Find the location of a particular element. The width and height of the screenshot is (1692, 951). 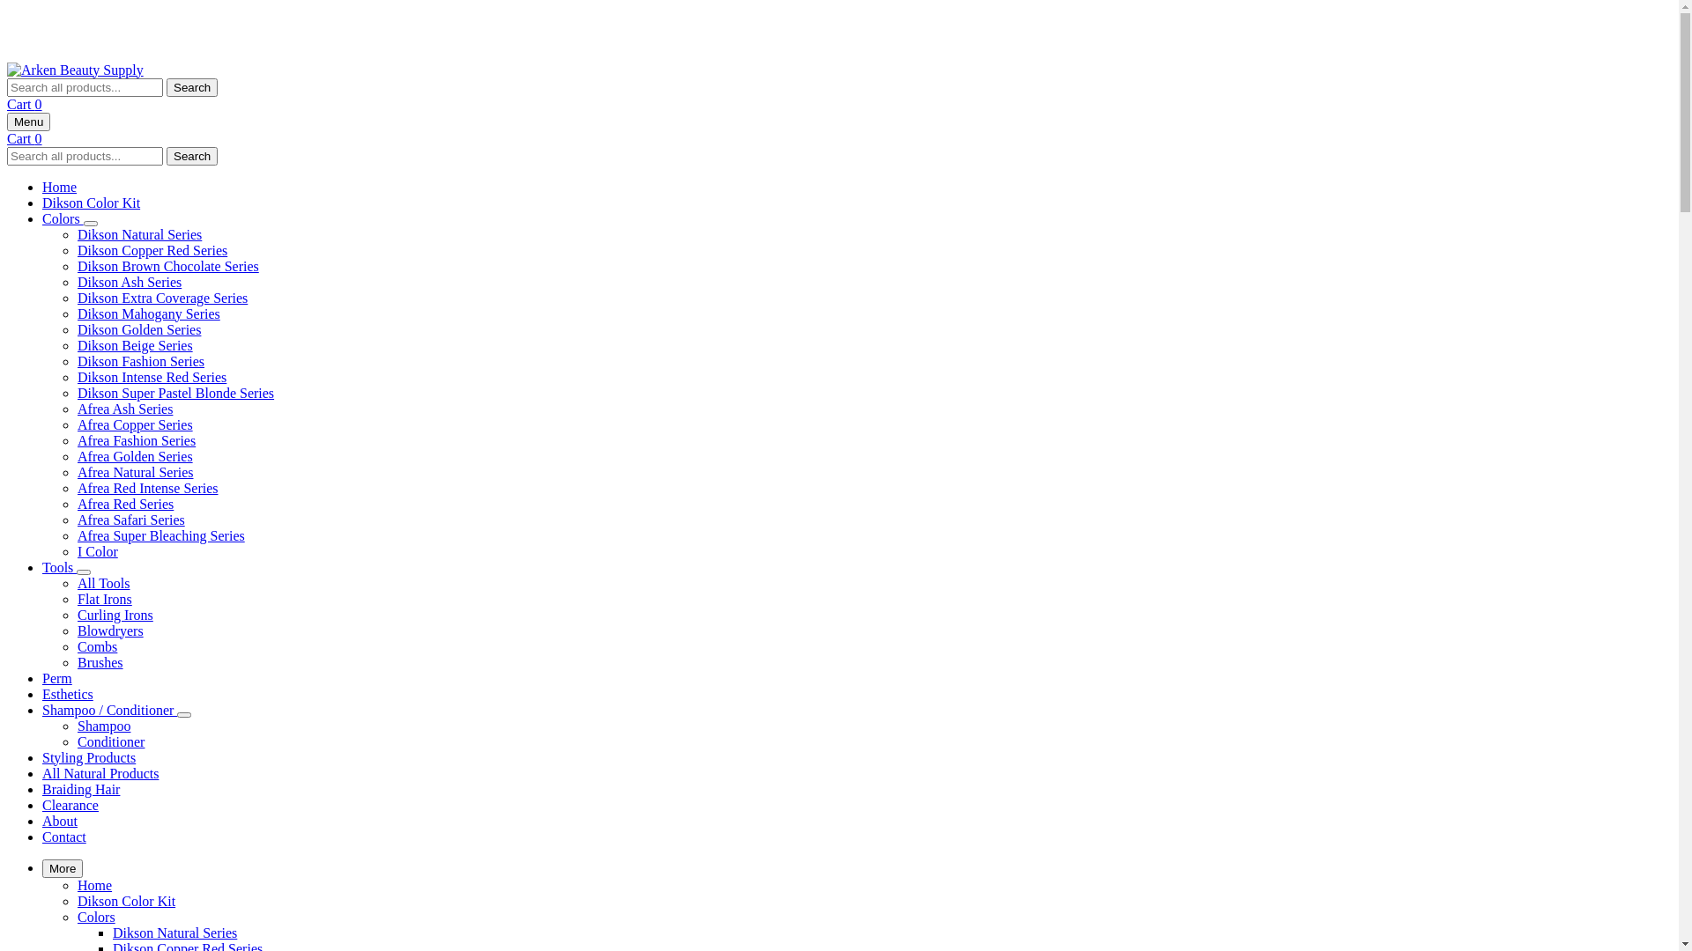

'Conditioner' is located at coordinates (76, 741).